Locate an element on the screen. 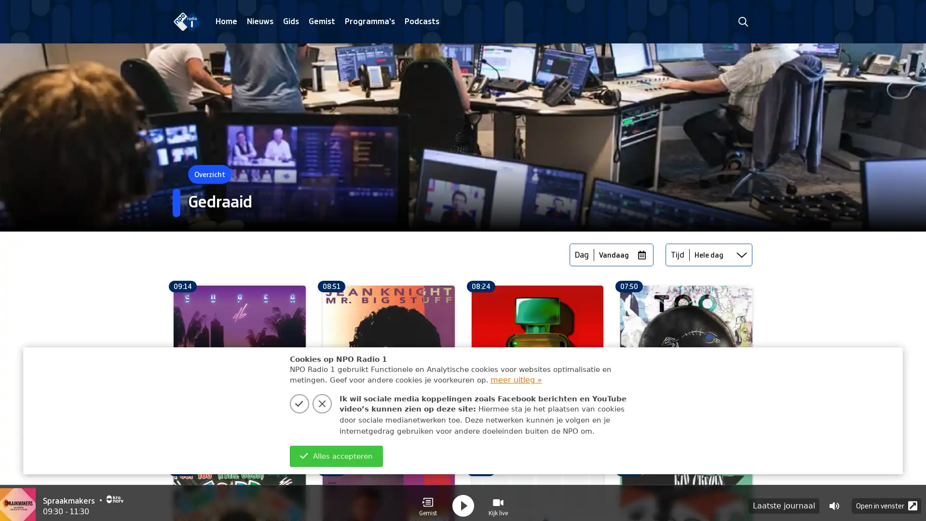 Image resolution: width=926 pixels, height=521 pixels. zoeken is located at coordinates (742, 21).